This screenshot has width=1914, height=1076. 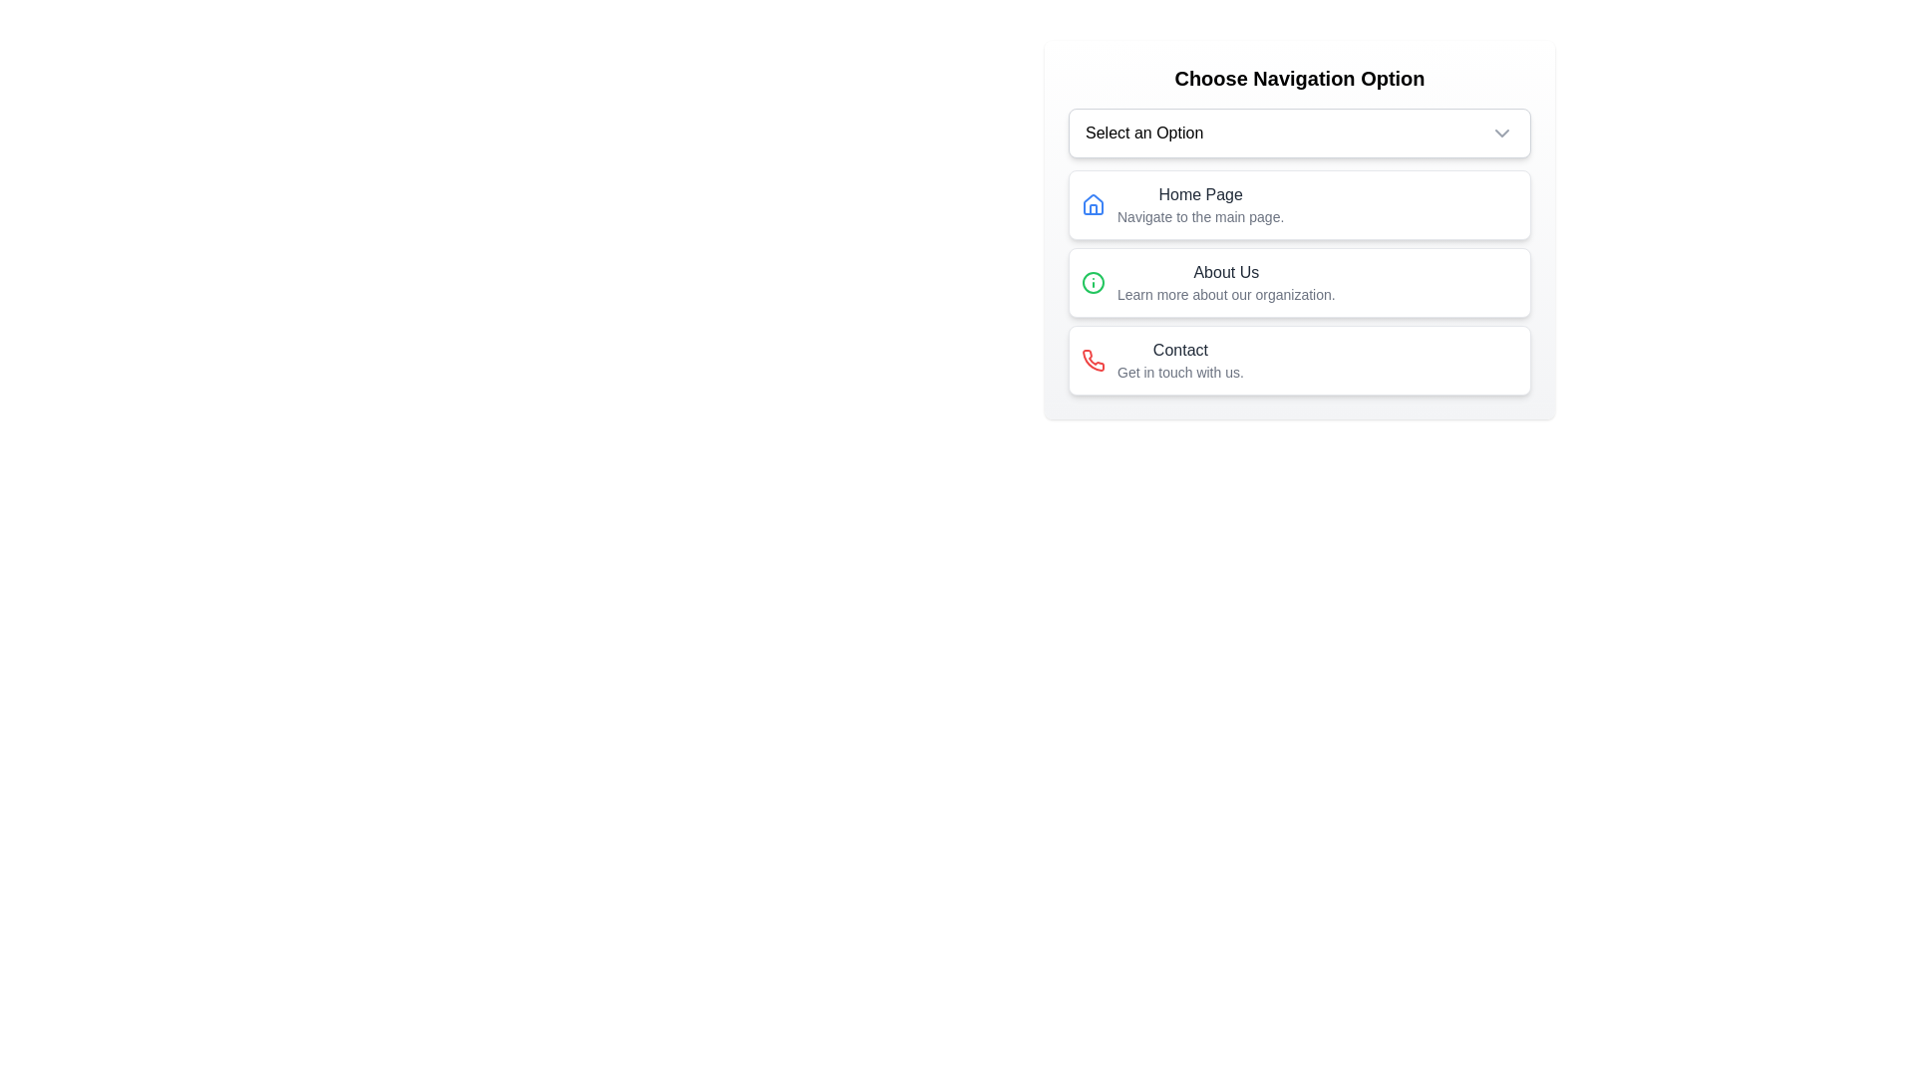 I want to click on the 'Home Page' icon located at the left part of the 'Home Page' row in the navigation menu, so click(x=1093, y=204).